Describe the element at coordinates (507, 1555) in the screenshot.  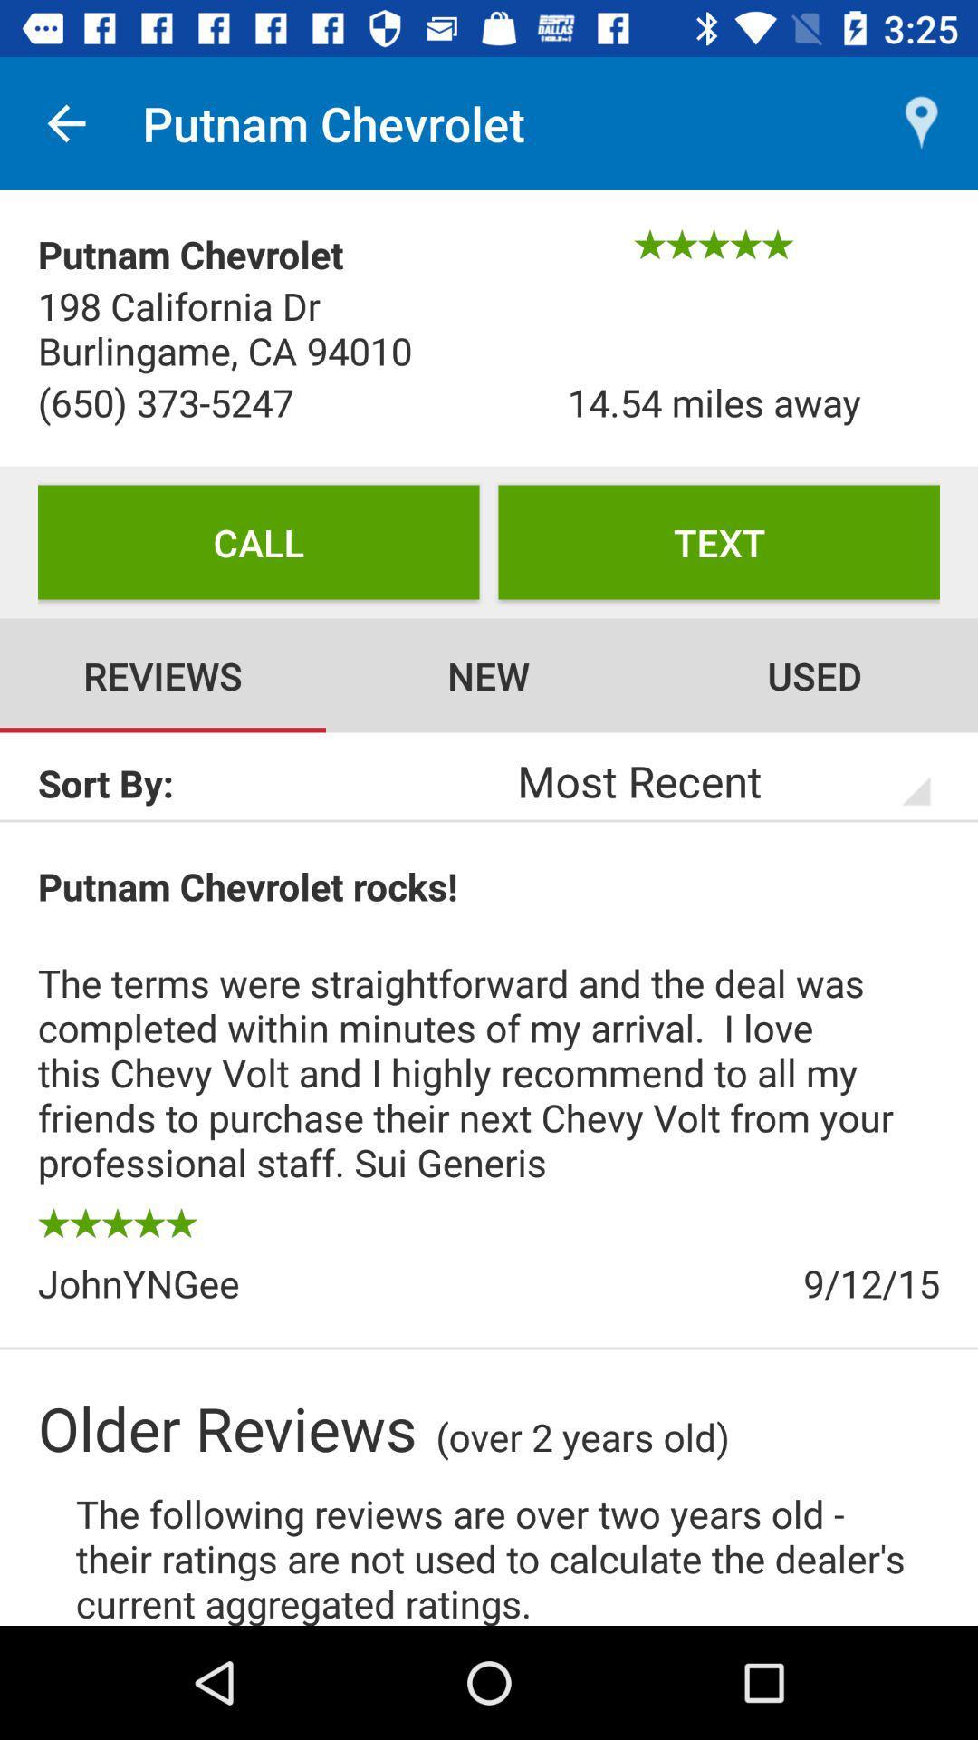
I see `the the following reviews` at that location.